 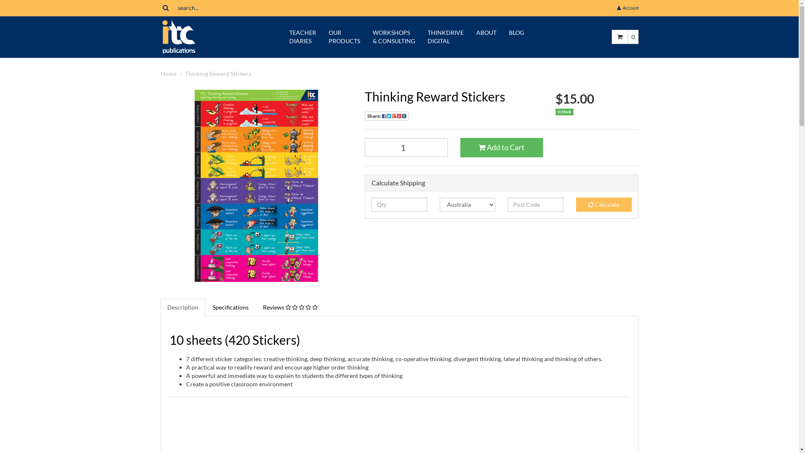 What do you see at coordinates (604, 205) in the screenshot?
I see `'Calculate'` at bounding box center [604, 205].